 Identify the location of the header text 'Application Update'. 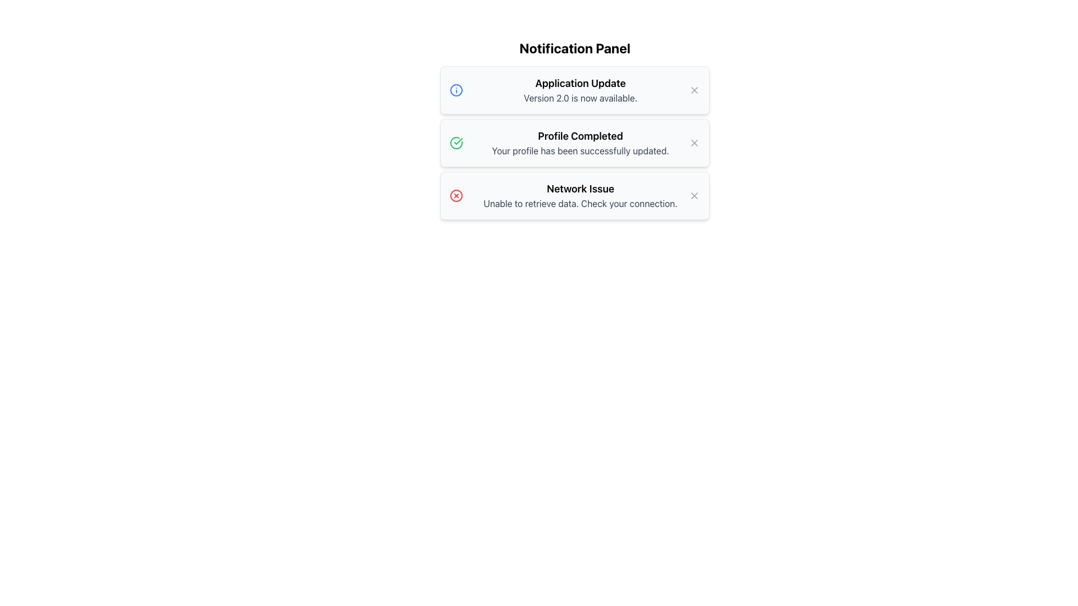
(580, 83).